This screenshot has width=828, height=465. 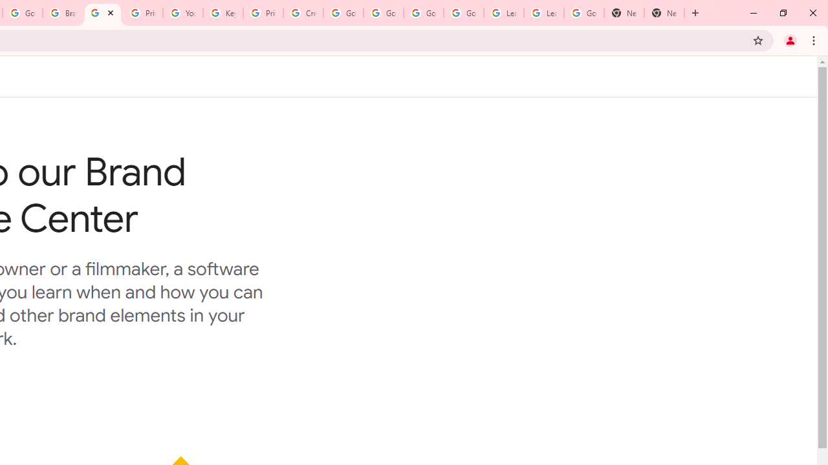 I want to click on 'Bookmark this tab', so click(x=757, y=39).